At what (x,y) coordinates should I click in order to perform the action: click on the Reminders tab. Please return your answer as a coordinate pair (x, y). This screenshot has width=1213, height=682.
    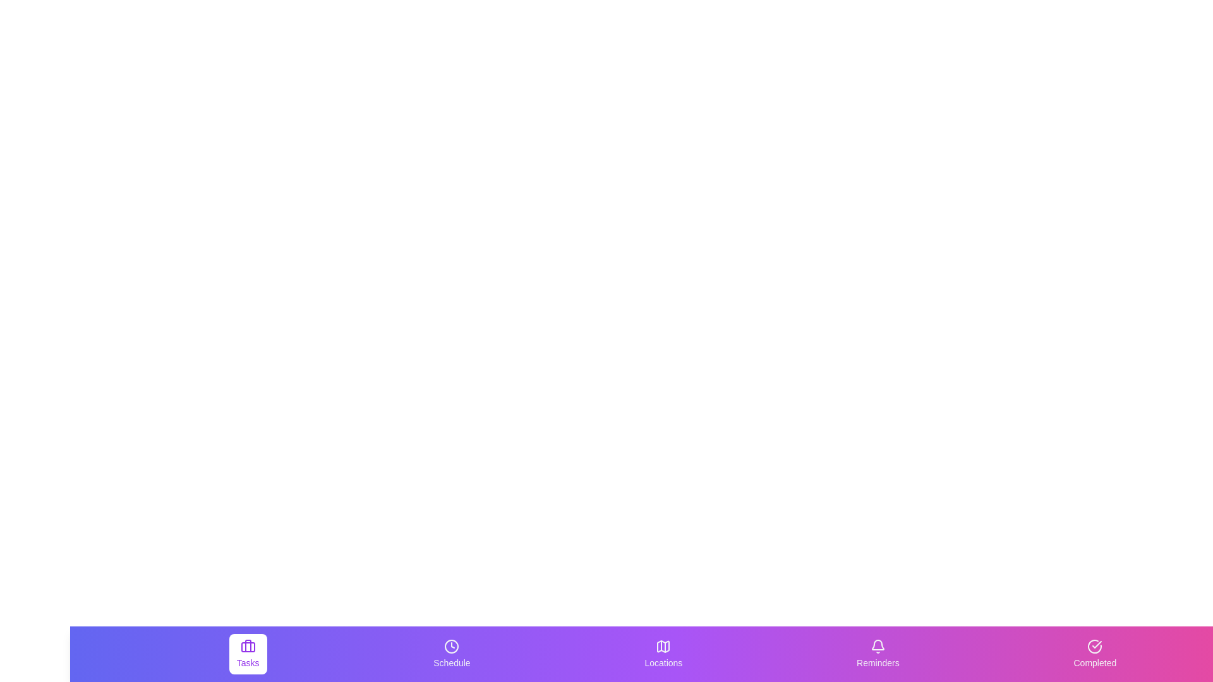
    Looking at the image, I should click on (877, 654).